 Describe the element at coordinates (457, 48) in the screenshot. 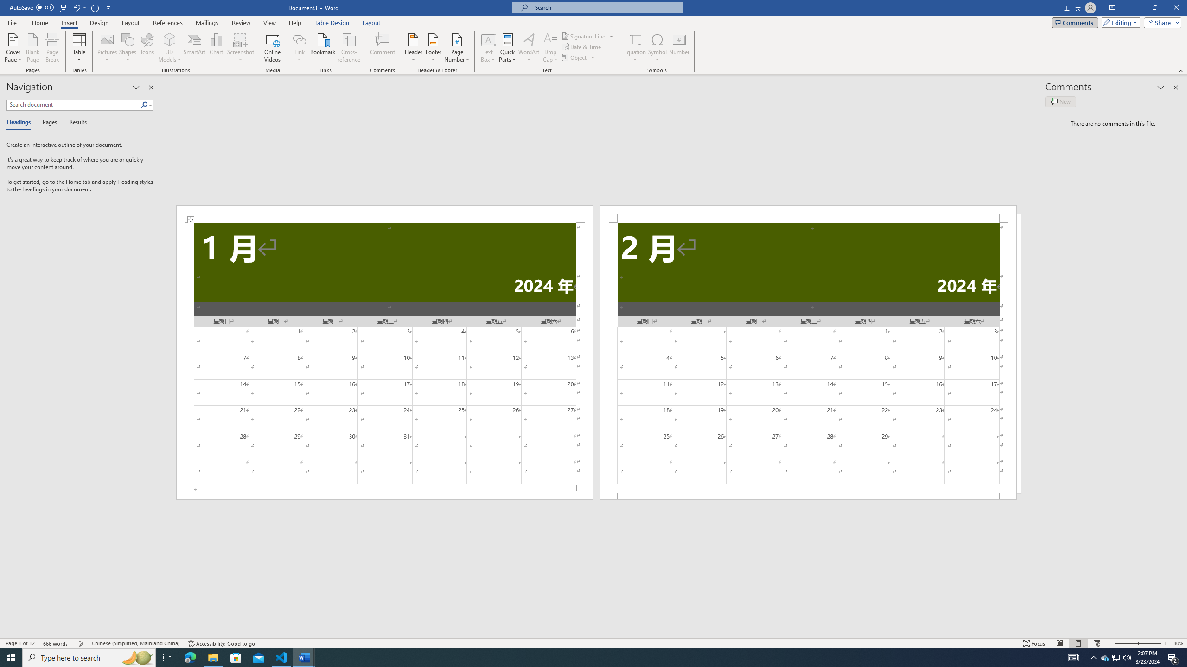

I see `'Page Number'` at that location.